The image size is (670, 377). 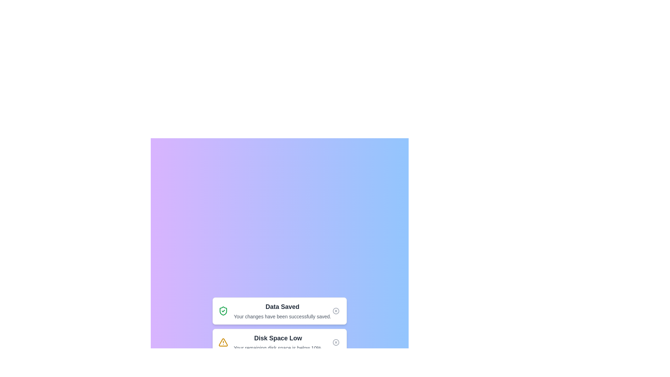 I want to click on dismiss button for the notification titled 'Data Saved', so click(x=336, y=311).